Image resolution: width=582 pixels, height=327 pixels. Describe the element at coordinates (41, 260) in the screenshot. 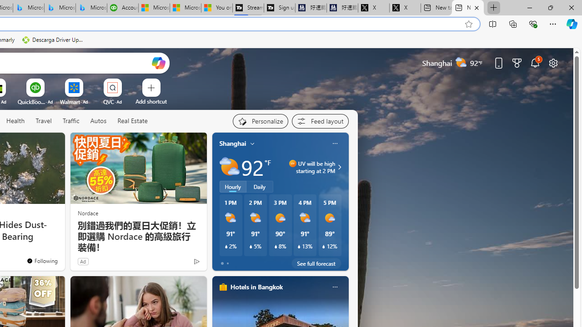

I see `'You'` at that location.